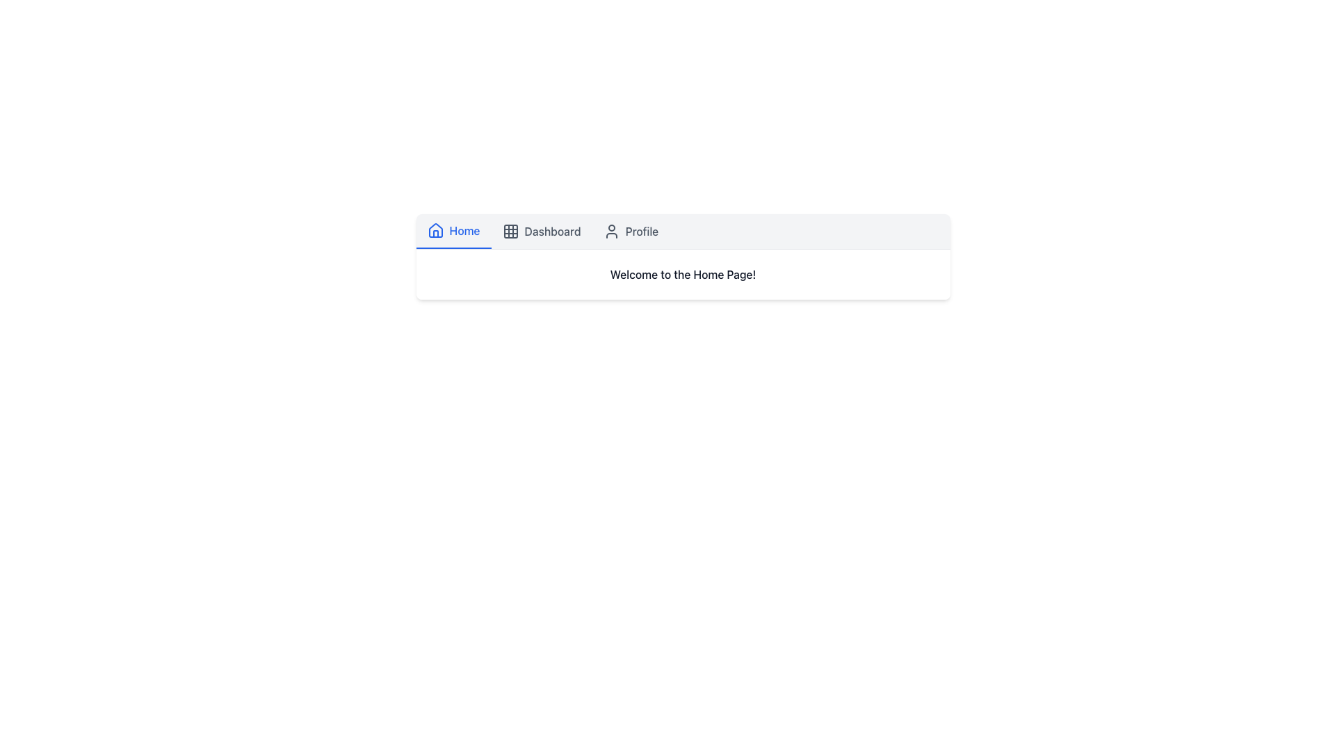 The height and width of the screenshot is (751, 1335). What do you see at coordinates (510, 230) in the screenshot?
I see `the square grid icon located to the left of the 'Dashboard' text in the navigation bar` at bounding box center [510, 230].